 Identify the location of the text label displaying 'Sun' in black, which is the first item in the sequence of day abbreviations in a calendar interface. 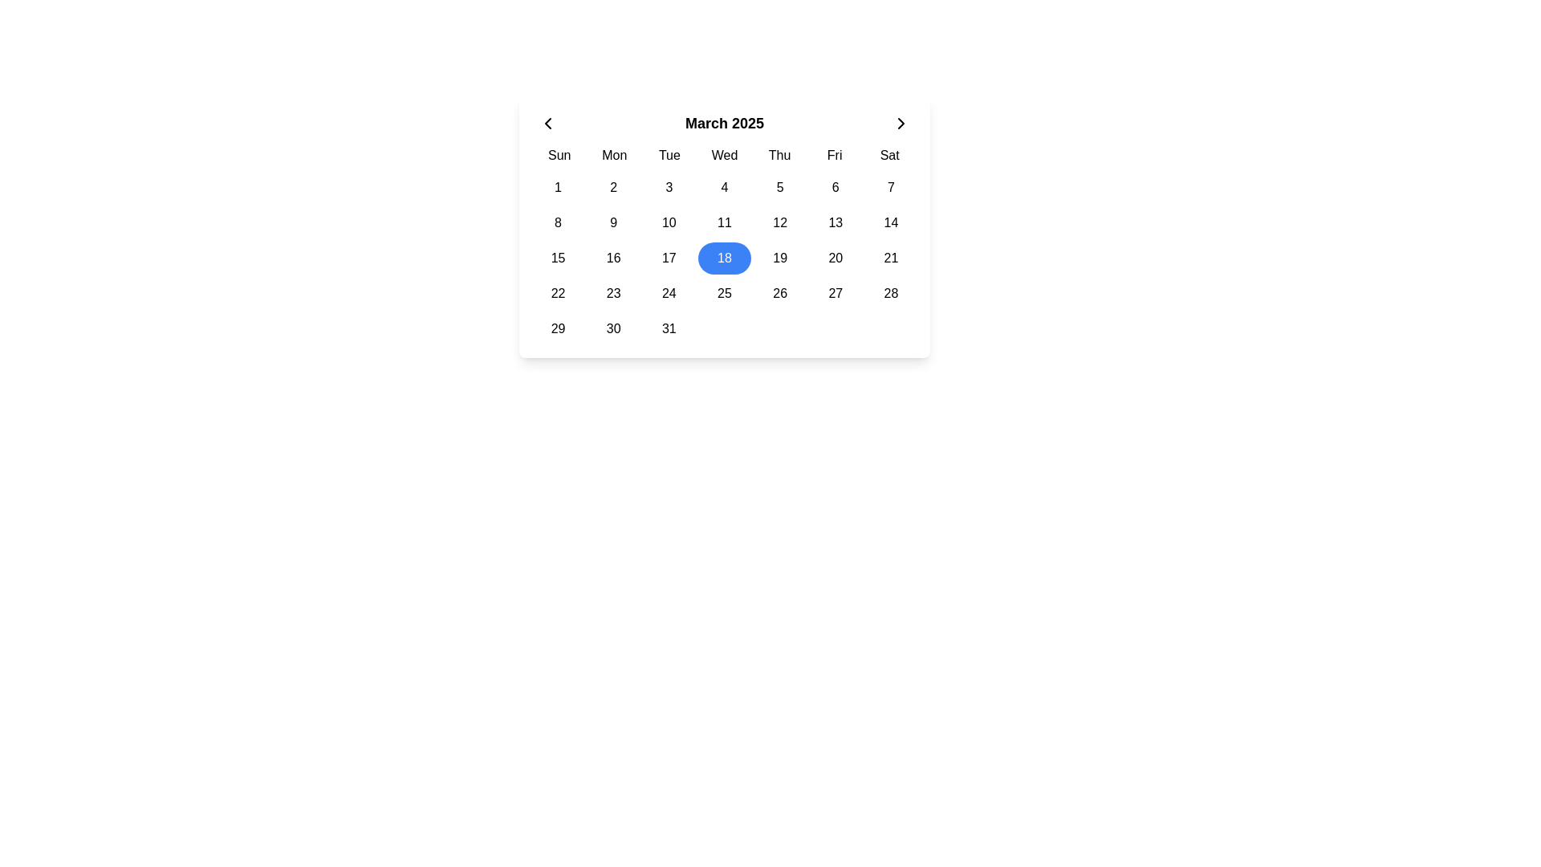
(559, 155).